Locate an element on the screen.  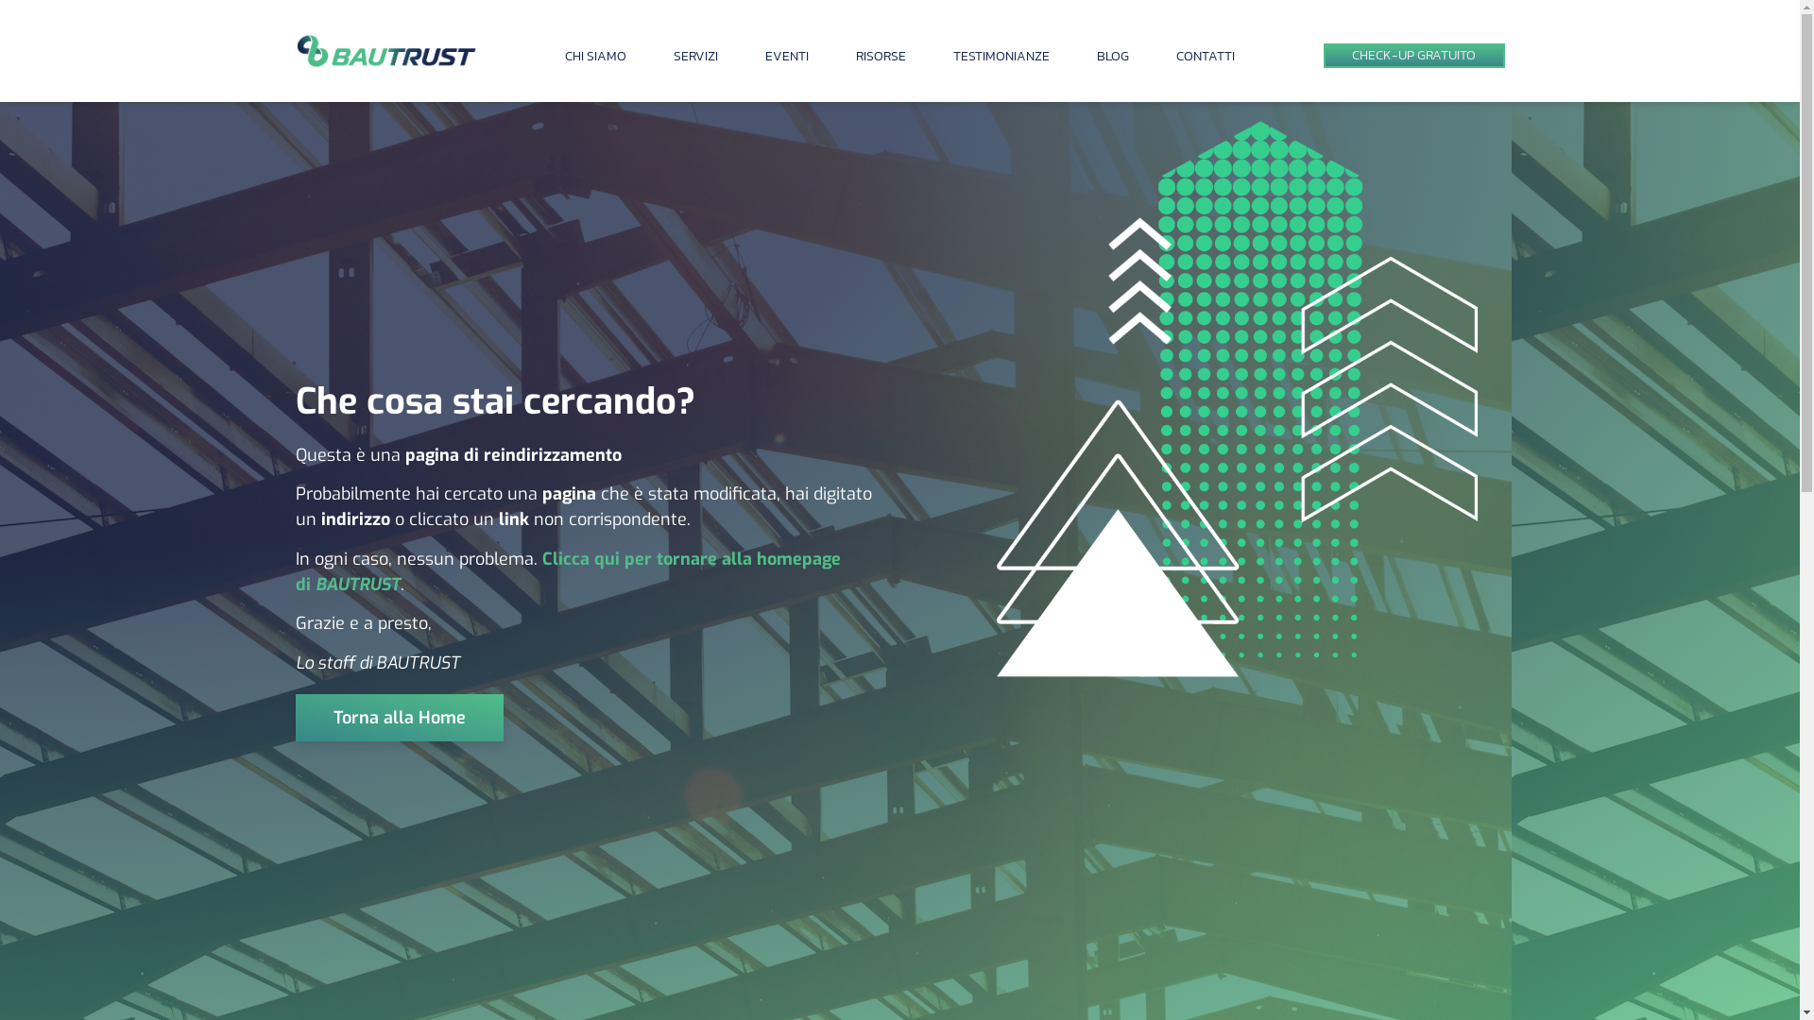
'Clicca qui per tornare alla homepage di BAUTRUST' is located at coordinates (566, 570).